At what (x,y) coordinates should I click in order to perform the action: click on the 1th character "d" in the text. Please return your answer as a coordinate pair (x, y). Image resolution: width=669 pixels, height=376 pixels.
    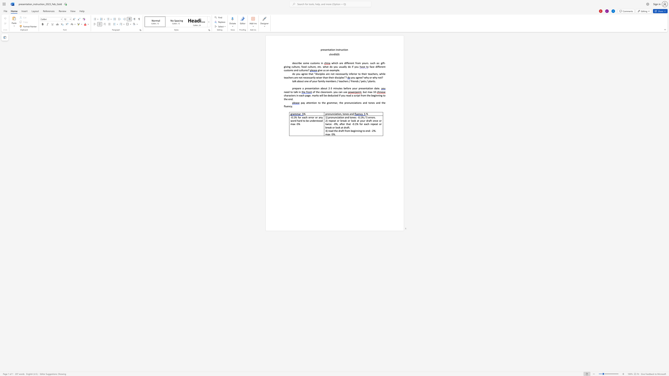
    Looking at the image, I should click on (376, 66).